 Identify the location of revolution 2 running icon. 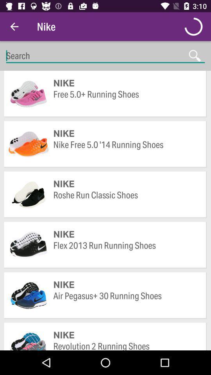
(126, 345).